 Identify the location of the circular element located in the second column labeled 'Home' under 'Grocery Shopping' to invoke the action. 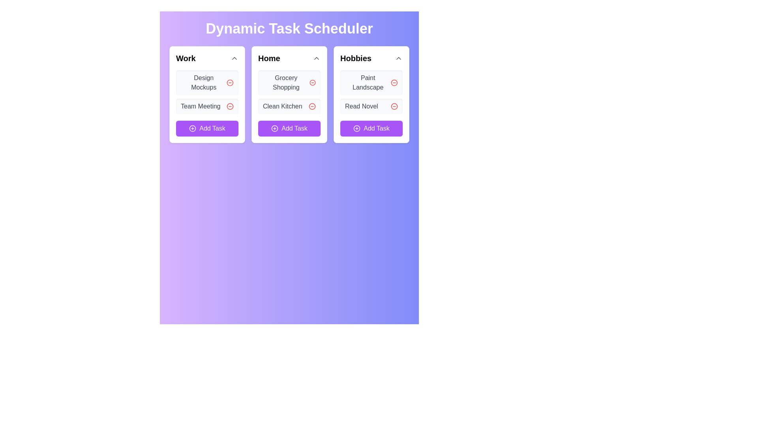
(312, 82).